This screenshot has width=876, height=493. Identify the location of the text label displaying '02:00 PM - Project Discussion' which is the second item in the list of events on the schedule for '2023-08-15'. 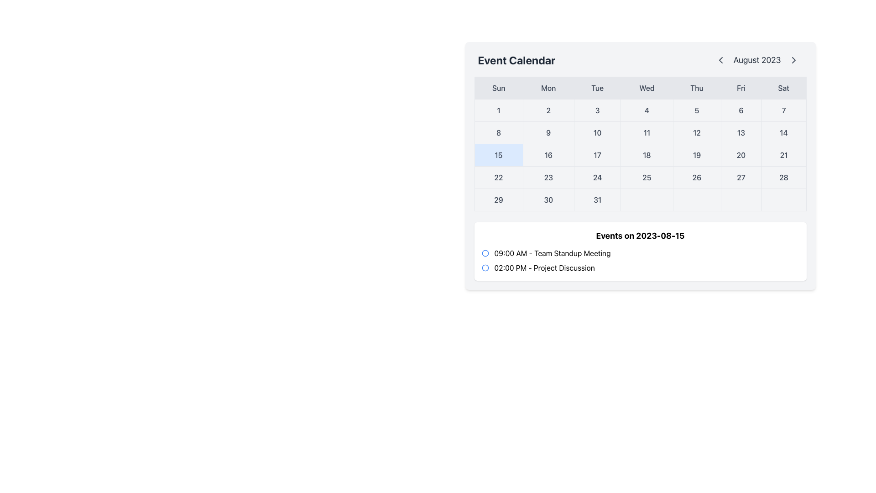
(544, 267).